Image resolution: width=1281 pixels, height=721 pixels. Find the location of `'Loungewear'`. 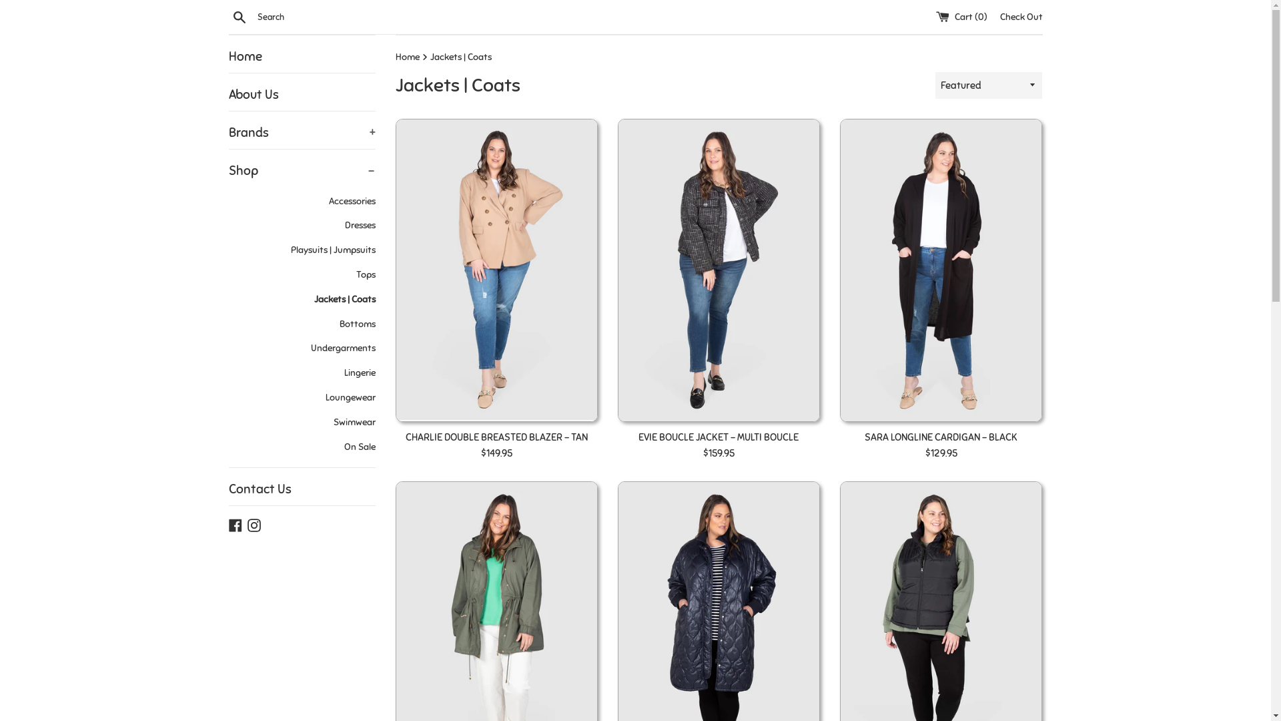

'Loungewear' is located at coordinates (228, 397).